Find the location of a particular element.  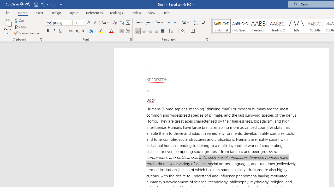

'Font...' is located at coordinates (131, 39).